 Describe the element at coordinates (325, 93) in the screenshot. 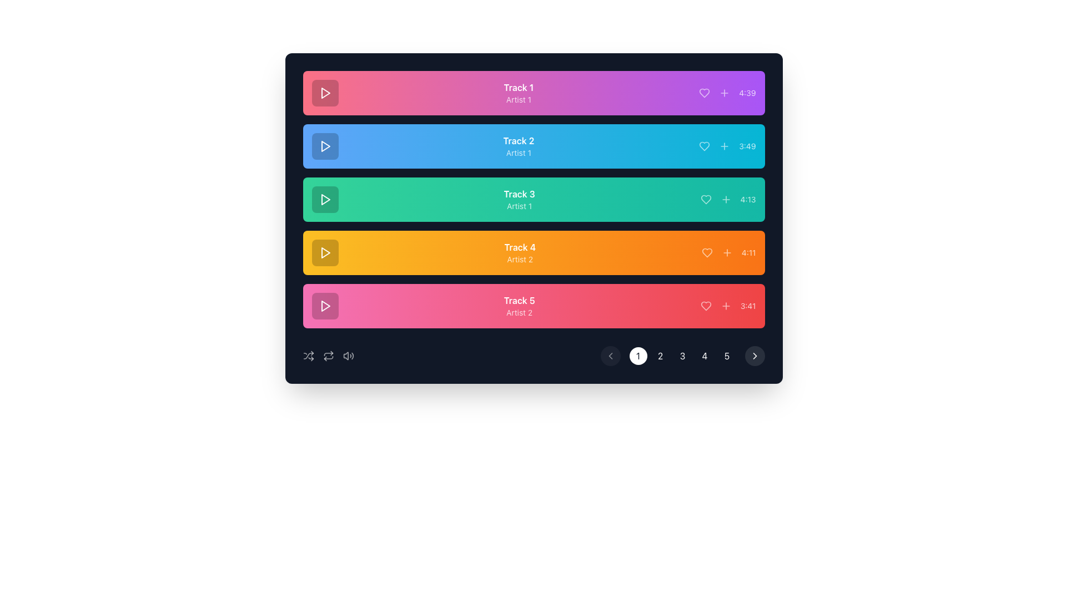

I see `the play icon located inside the pink button at the left end of the 'Track 1' row in the playlist` at that location.